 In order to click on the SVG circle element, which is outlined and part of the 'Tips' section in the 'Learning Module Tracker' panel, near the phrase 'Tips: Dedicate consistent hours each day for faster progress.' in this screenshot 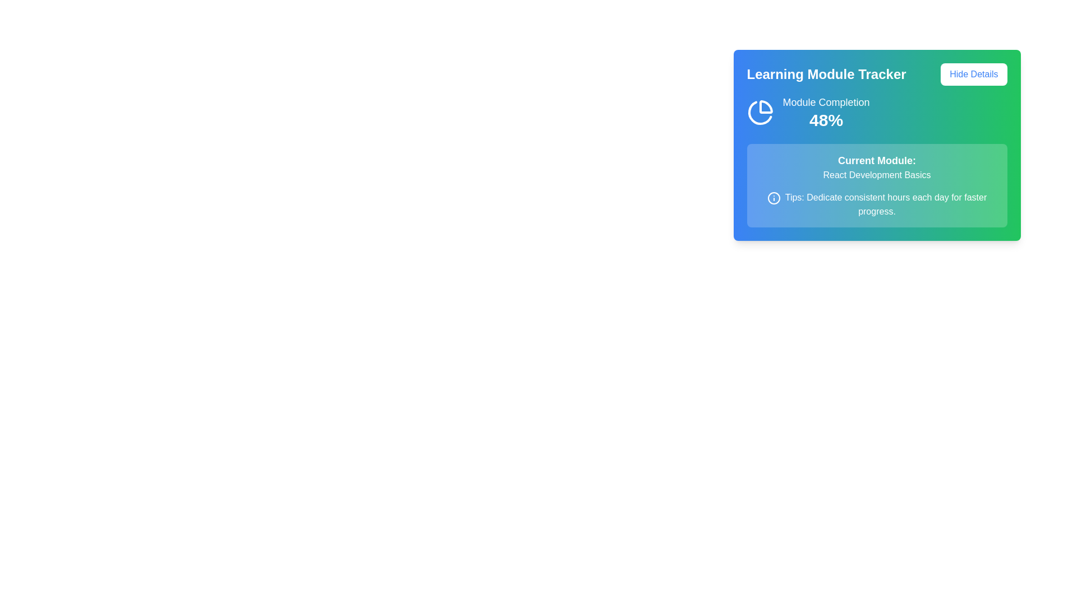, I will do `click(773, 197)`.